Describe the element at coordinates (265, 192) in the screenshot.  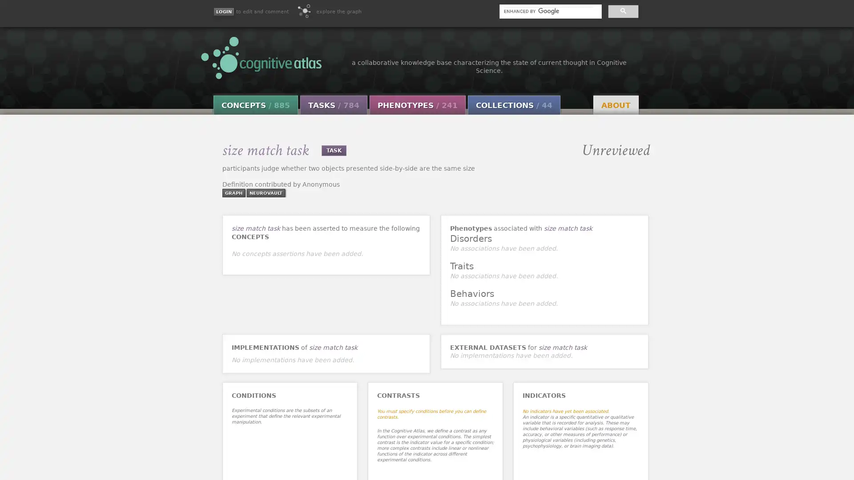
I see `NEUROVAULT` at that location.